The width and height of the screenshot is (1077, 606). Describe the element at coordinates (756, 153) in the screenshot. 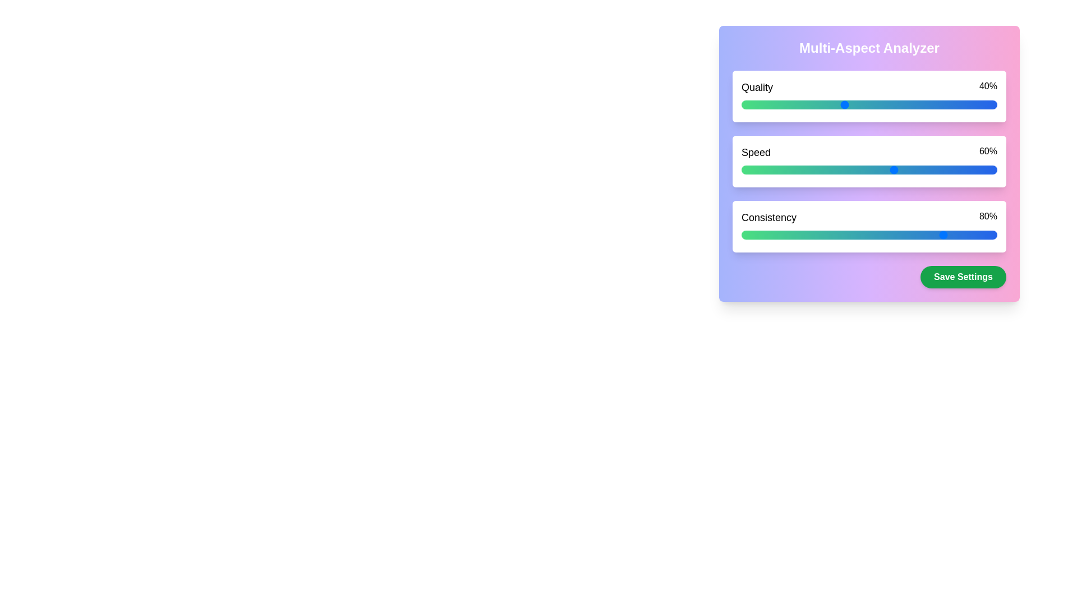

I see `the 'Speed' text label element, which is bold and medium-sized, located in the 'Multi-Aspect Analyzer' interface under 'Quality' and above 'Consistency'` at that location.